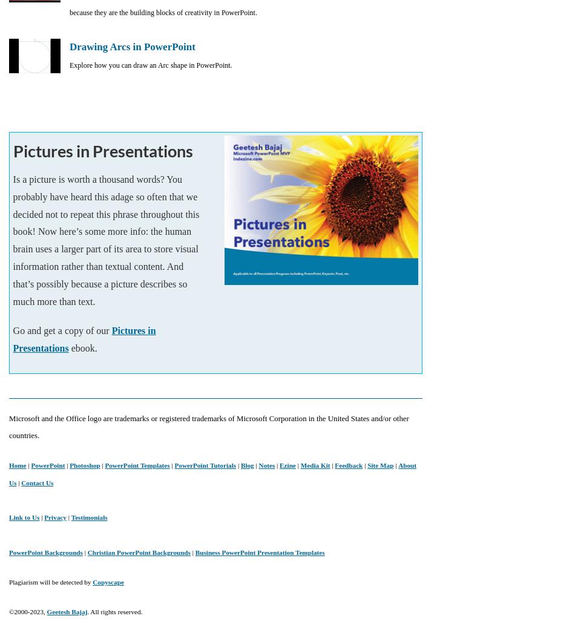 The height and width of the screenshot is (636, 575). Describe the element at coordinates (9, 473) in the screenshot. I see `'About Us'` at that location.